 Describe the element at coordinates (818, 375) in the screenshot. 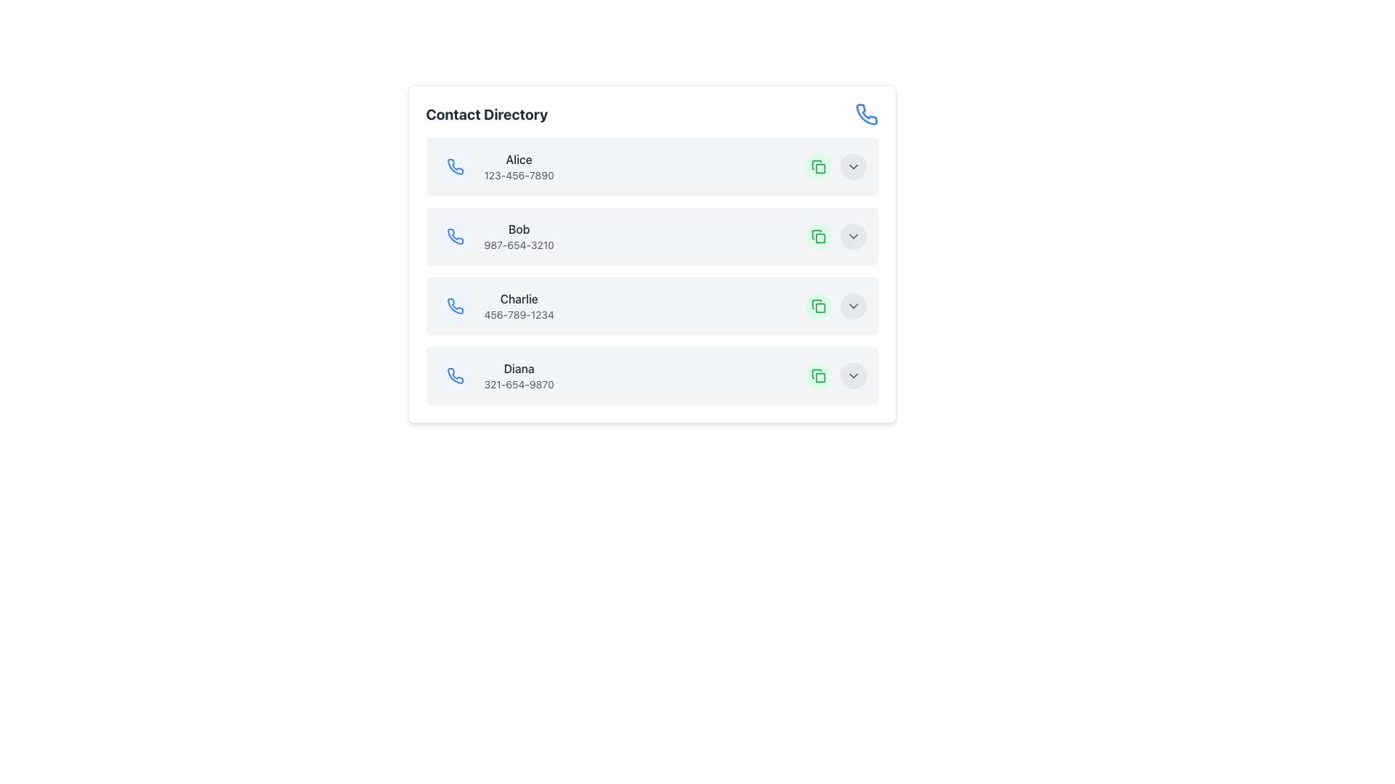

I see `the circular light green button with overlapping squares icon located to the right of the contact listing for 'Diana'` at that location.